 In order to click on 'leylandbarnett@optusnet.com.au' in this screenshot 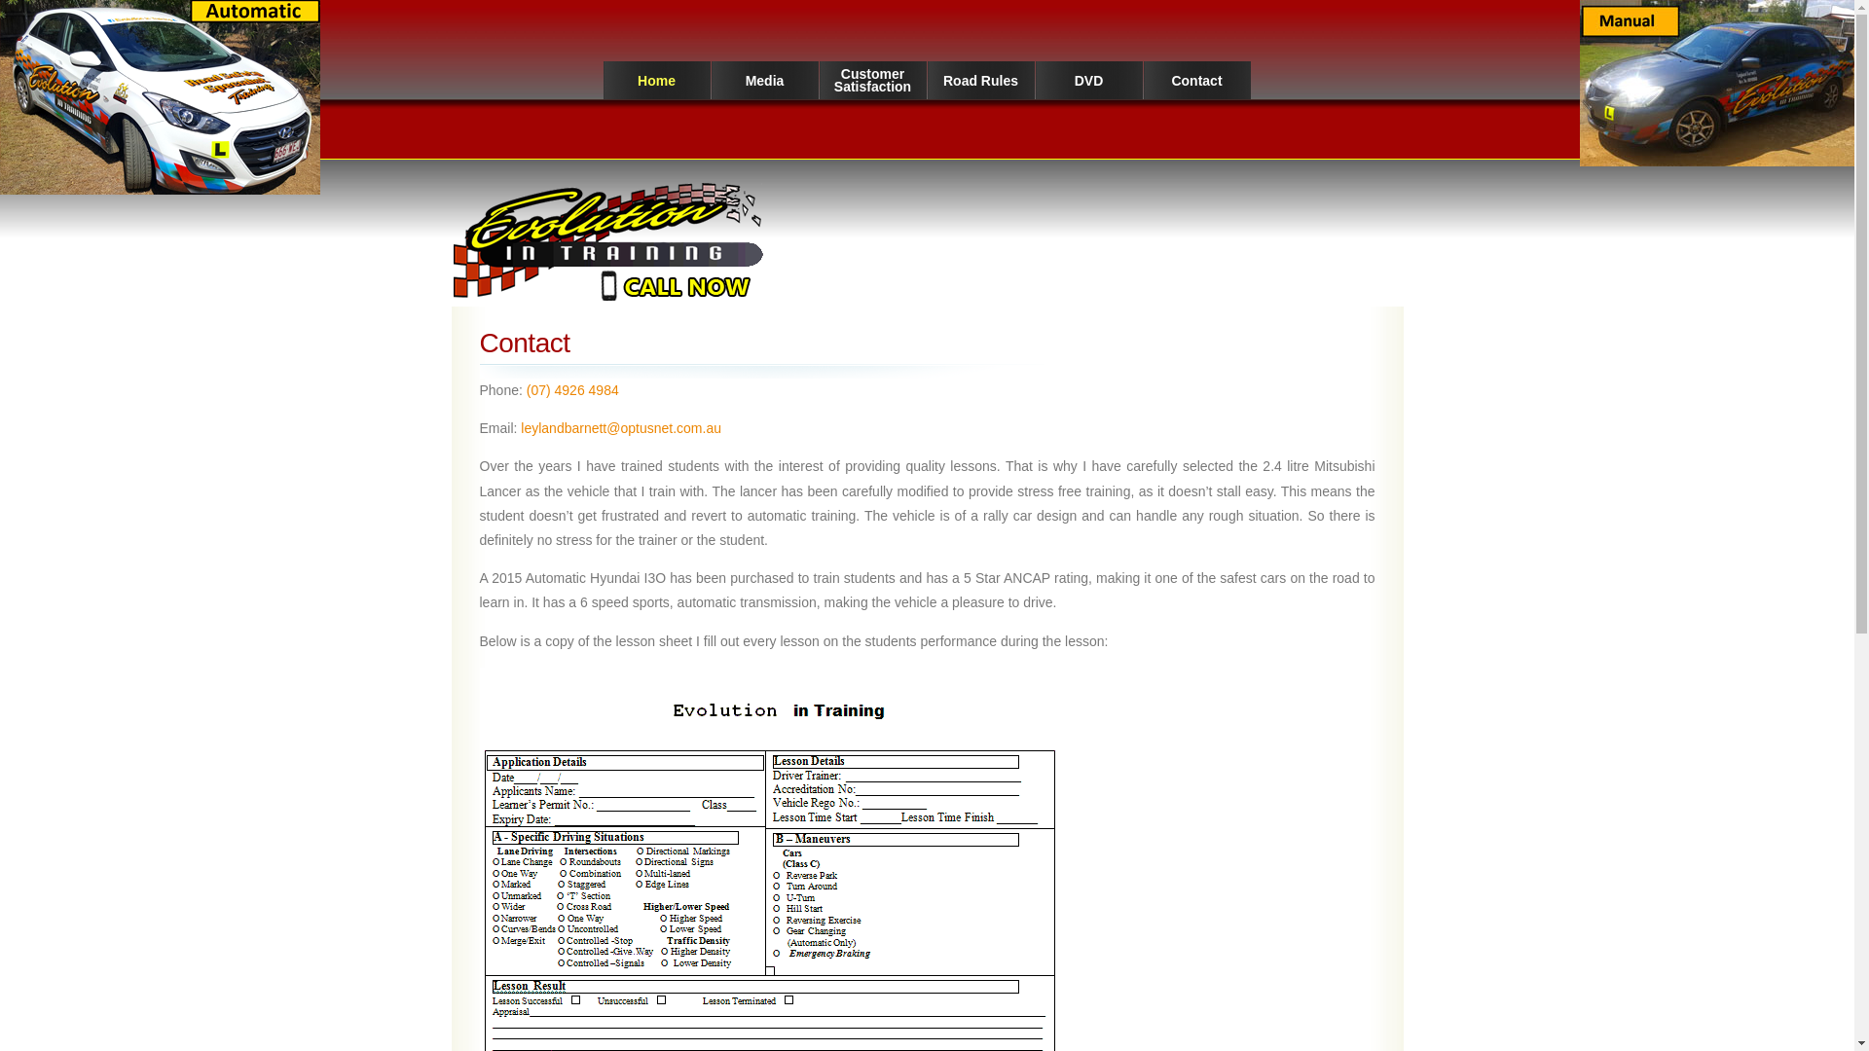, I will do `click(520, 426)`.